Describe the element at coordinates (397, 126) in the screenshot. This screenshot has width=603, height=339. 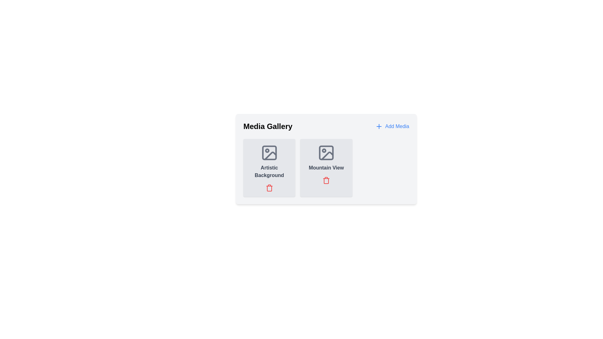
I see `the blue, underlined text link reading 'Add Media' located near the top-right corner of the 'Media Gallery' panel` at that location.